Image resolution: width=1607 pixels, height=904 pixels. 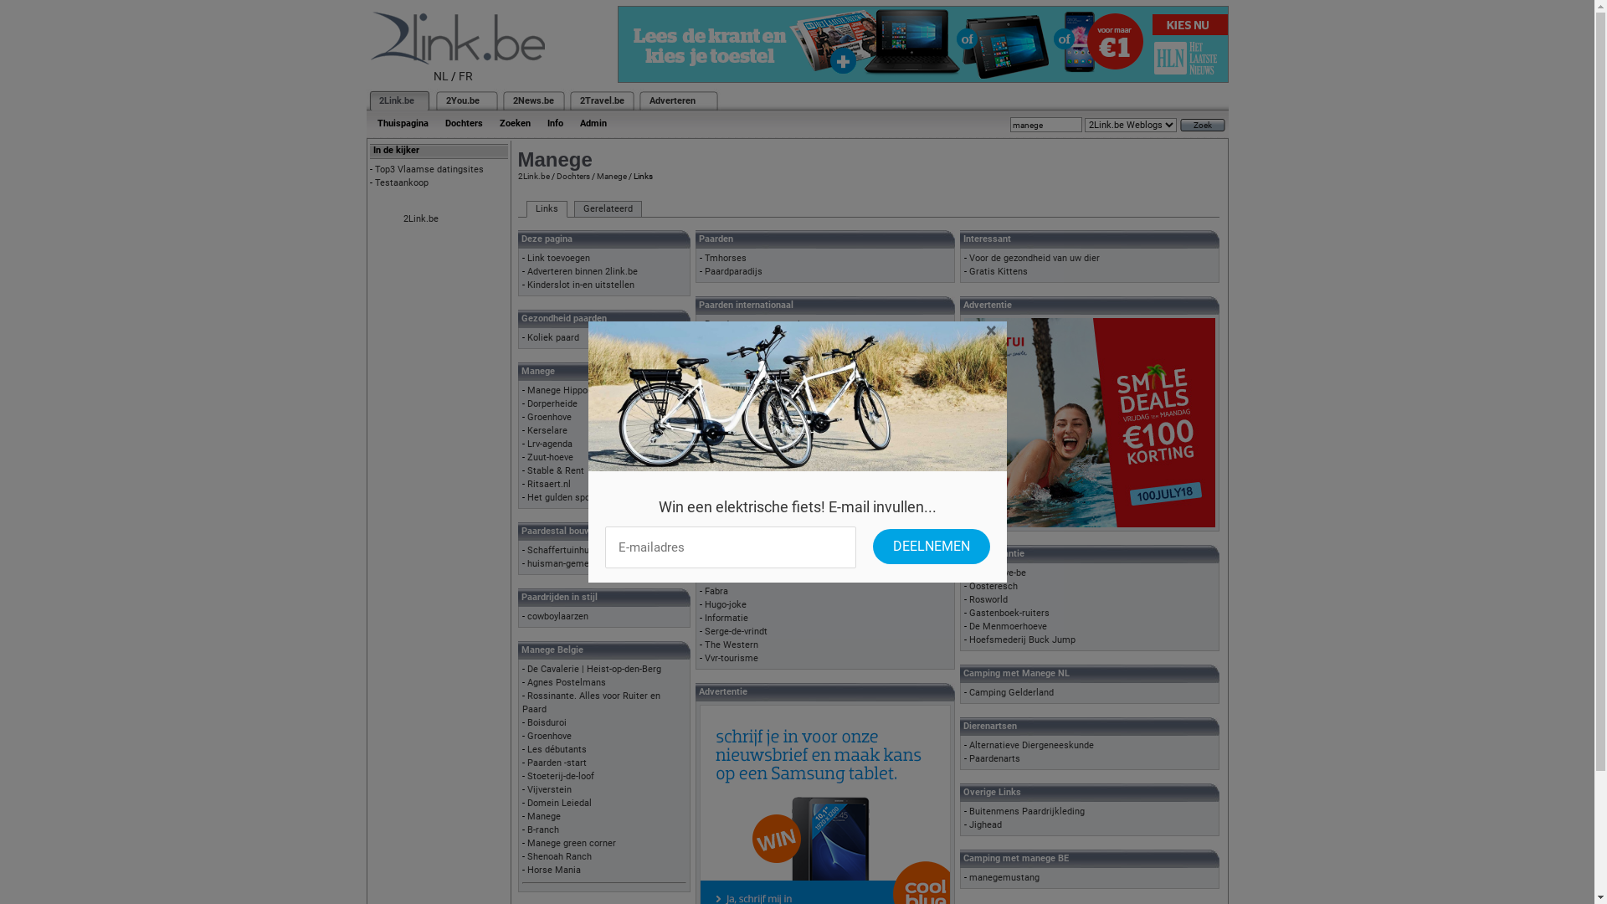 What do you see at coordinates (595, 176) in the screenshot?
I see `'Manege'` at bounding box center [595, 176].